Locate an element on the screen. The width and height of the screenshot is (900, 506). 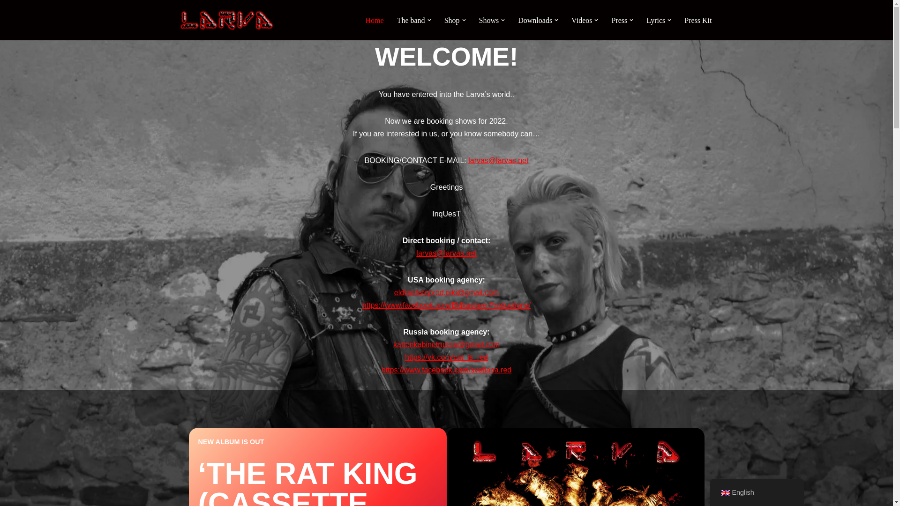
'Press Kit' is located at coordinates (697, 20).